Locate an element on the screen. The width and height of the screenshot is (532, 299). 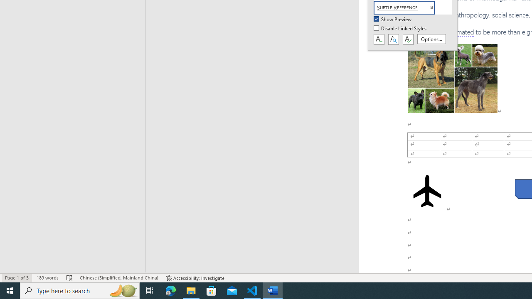
'Subtle Reference' is located at coordinates (409, 7).